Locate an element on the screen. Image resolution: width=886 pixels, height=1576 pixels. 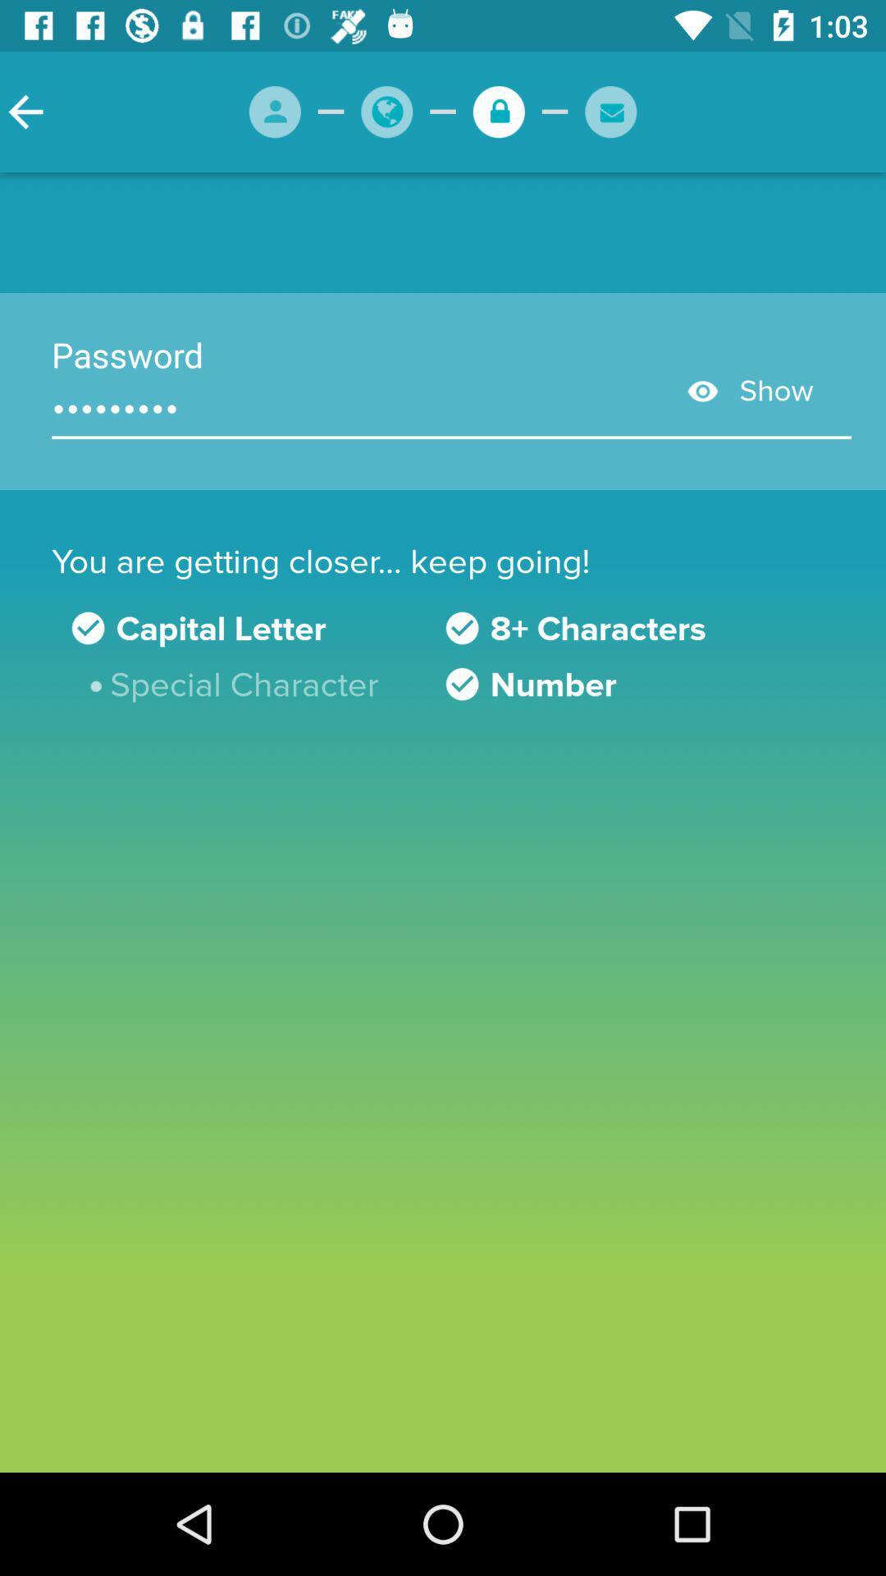
go back is located at coordinates (25, 111).